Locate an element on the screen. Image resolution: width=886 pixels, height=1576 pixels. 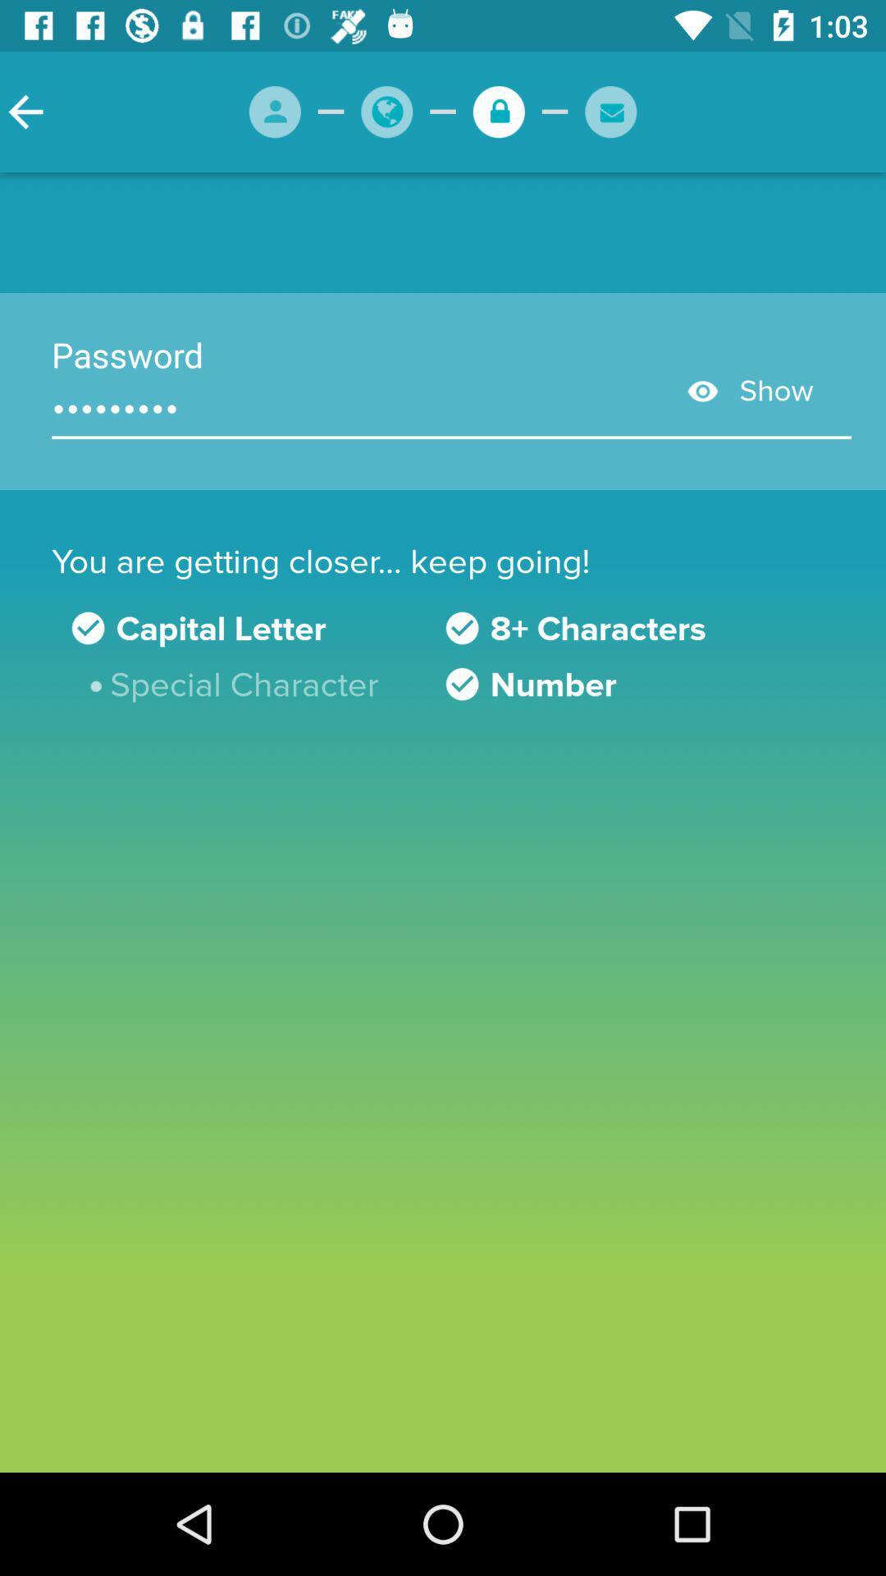
go back is located at coordinates (25, 111).